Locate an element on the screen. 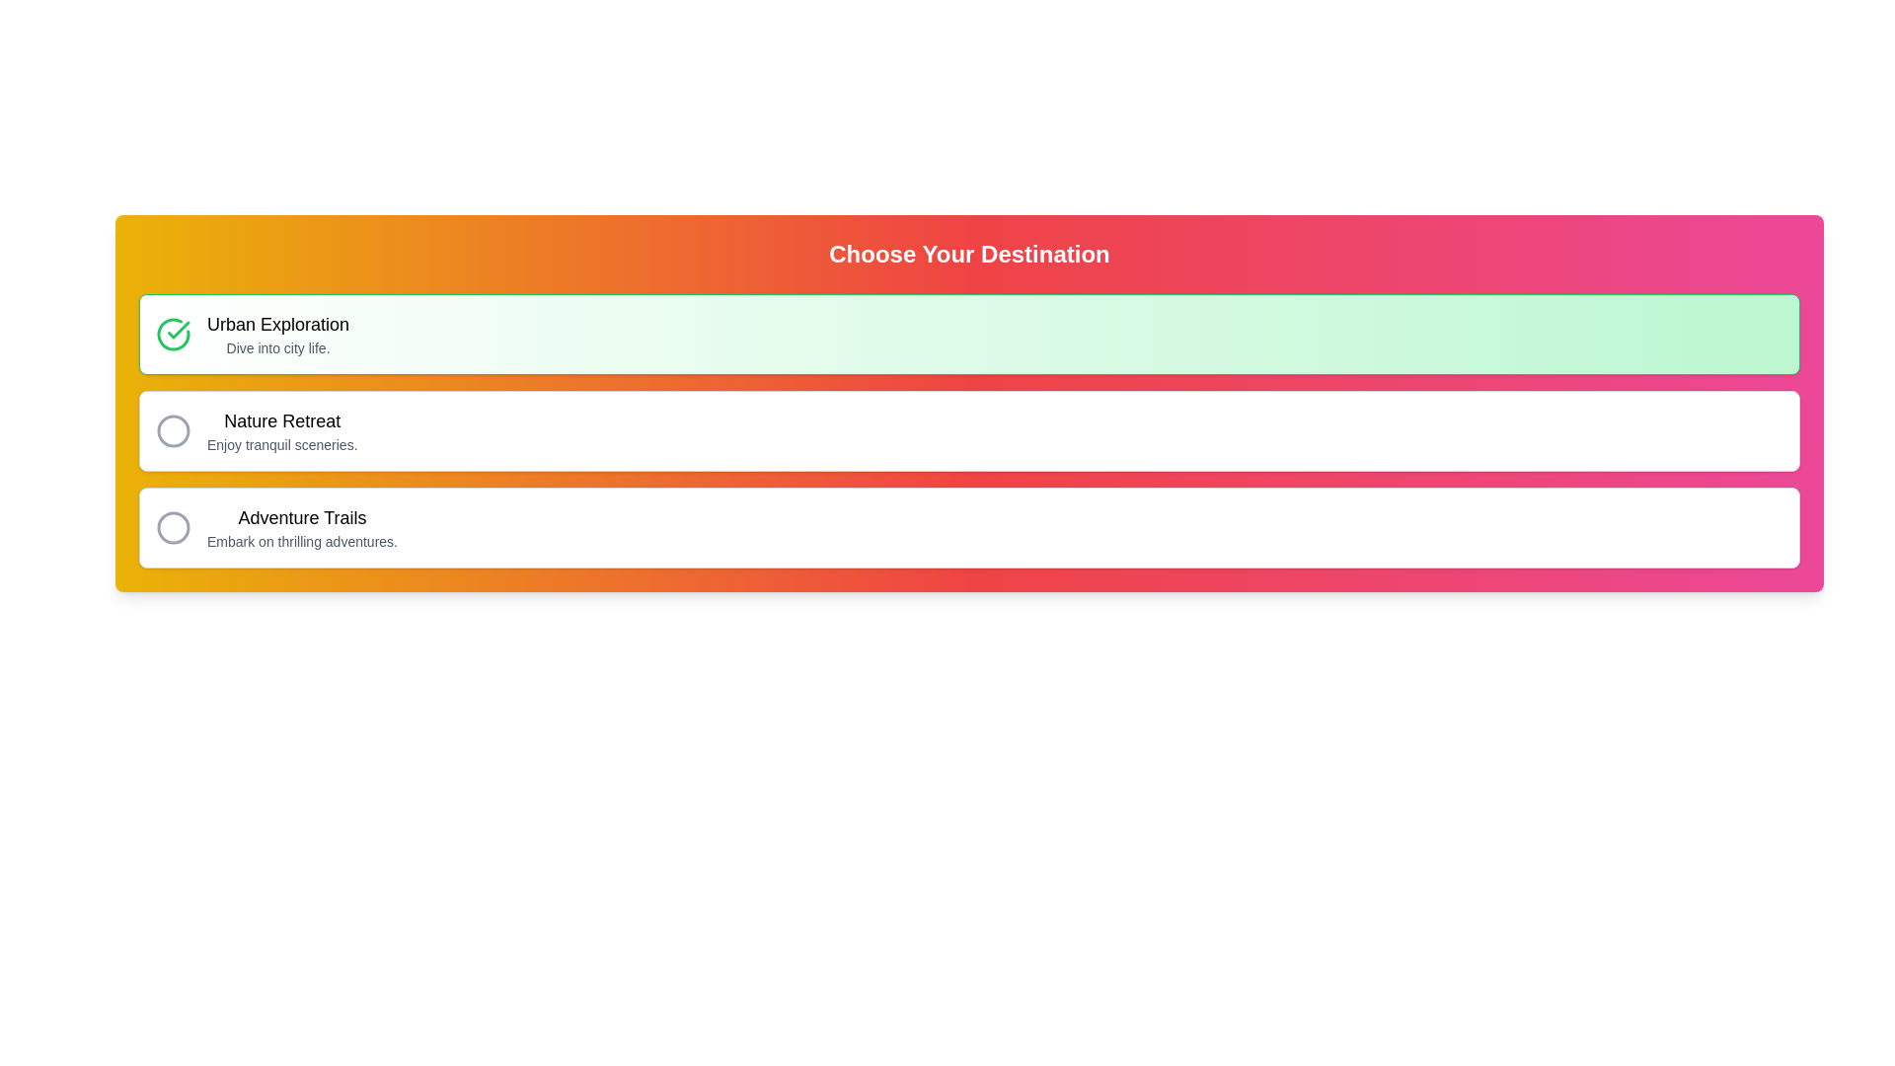 This screenshot has height=1066, width=1895. the title text of the third list item, which describes an item from the list and precedes the description 'Embark on thrilling adventures.' is located at coordinates (301, 516).